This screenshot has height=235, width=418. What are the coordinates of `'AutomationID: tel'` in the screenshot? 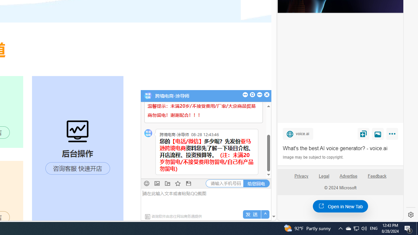 It's located at (225, 183).